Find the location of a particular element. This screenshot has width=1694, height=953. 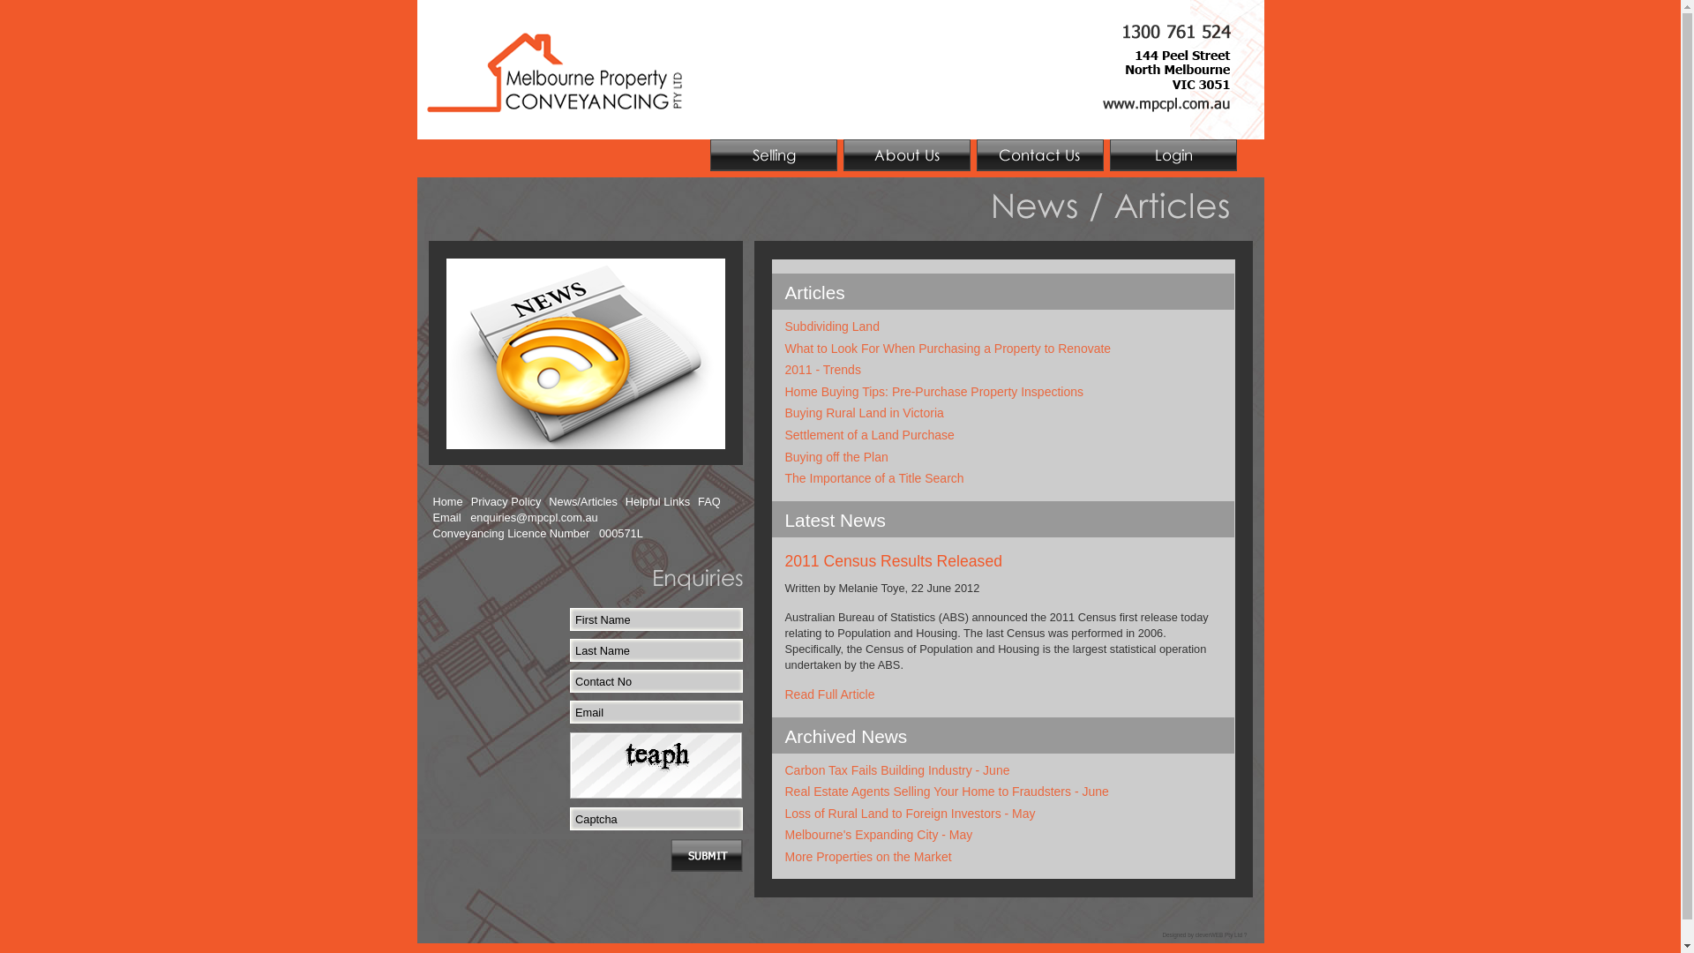

'Helpful Links' is located at coordinates (626, 502).